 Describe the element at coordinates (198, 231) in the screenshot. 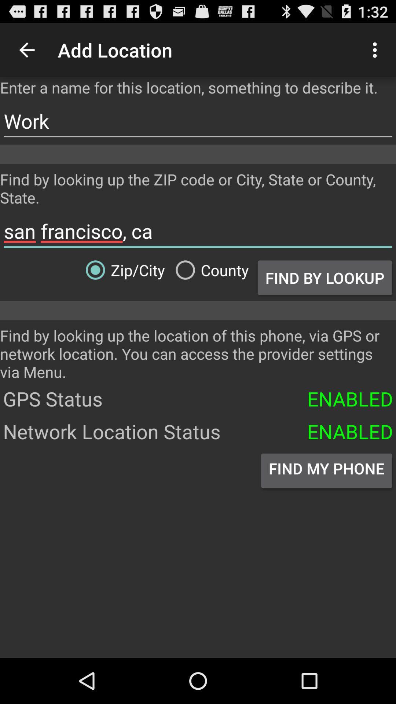

I see `san francisco, ca item` at that location.